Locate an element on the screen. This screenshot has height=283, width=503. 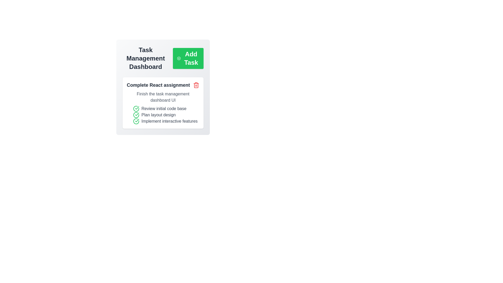
the first task item in the to-do list that displays 'Review initial code base' and has a green check mark for more details is located at coordinates (166, 108).